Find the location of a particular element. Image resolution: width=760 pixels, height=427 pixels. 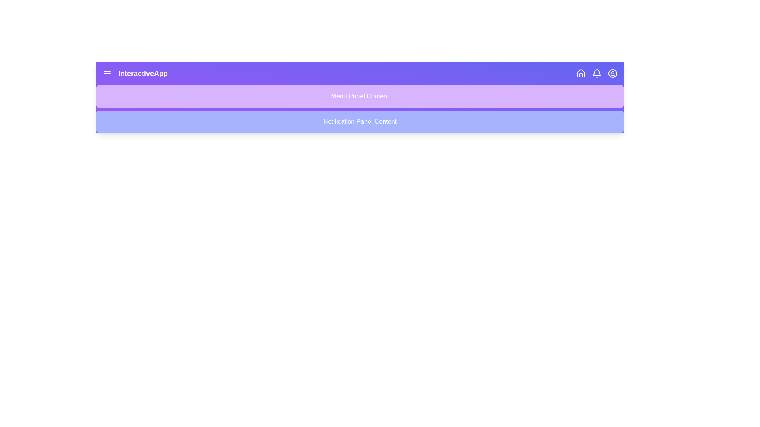

the 'Home' icon in the app bar to navigate to the home page is located at coordinates (581, 73).